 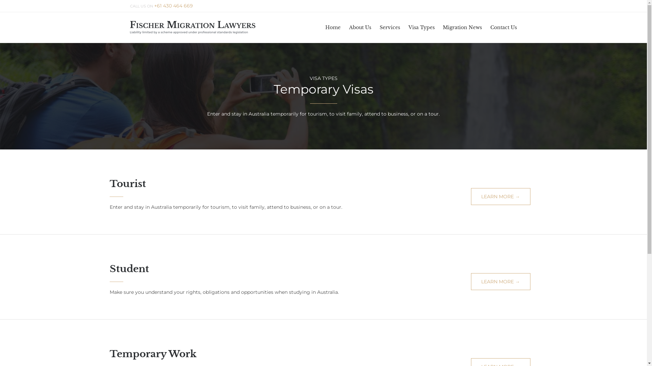 I want to click on 'Contact Us', so click(x=504, y=27).